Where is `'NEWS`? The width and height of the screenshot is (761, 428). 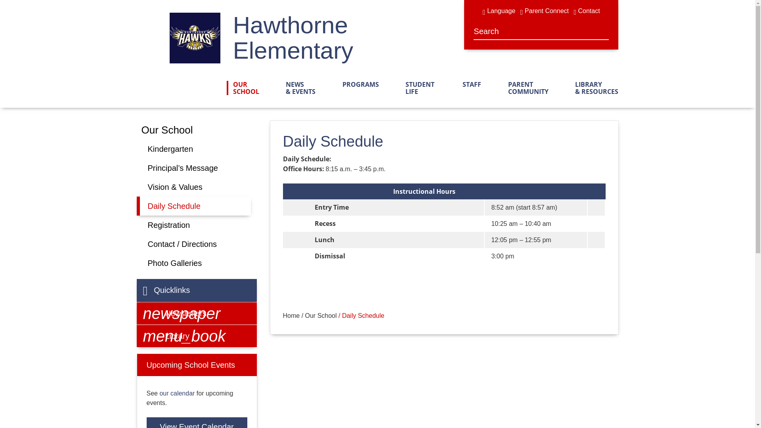
'NEWS is located at coordinates (297, 88).